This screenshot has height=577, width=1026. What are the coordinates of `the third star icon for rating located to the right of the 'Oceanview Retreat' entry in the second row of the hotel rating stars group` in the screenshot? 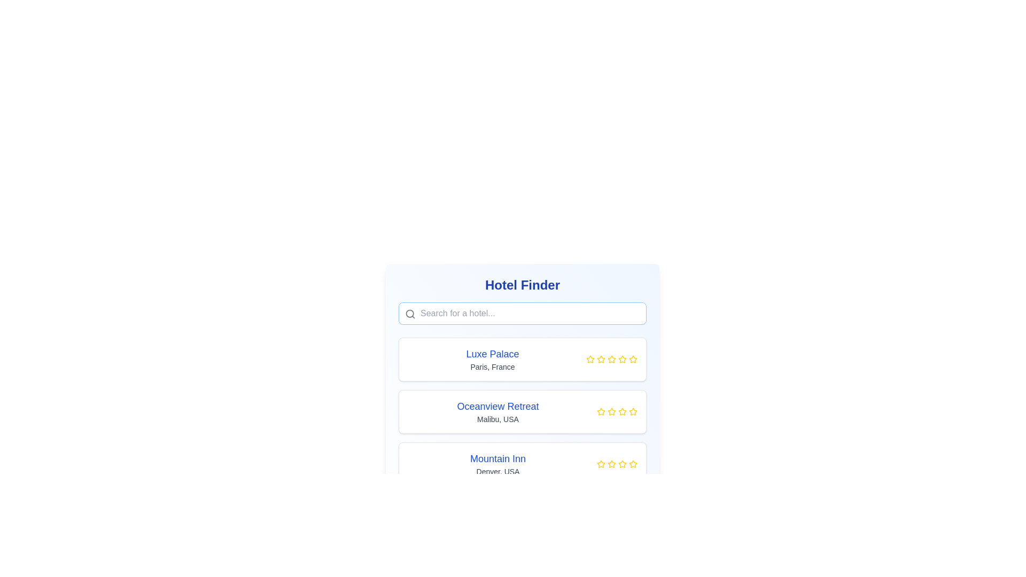 It's located at (633, 411).